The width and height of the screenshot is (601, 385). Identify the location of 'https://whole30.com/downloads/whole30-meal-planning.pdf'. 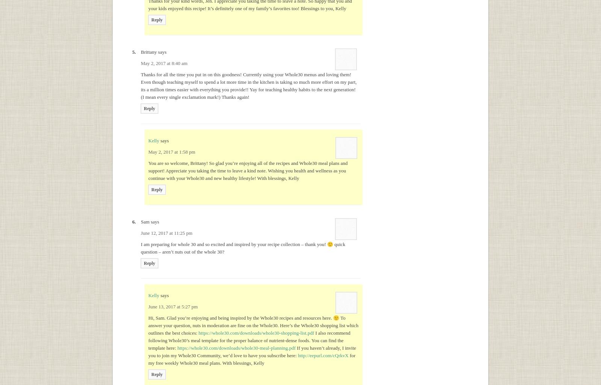
(236, 347).